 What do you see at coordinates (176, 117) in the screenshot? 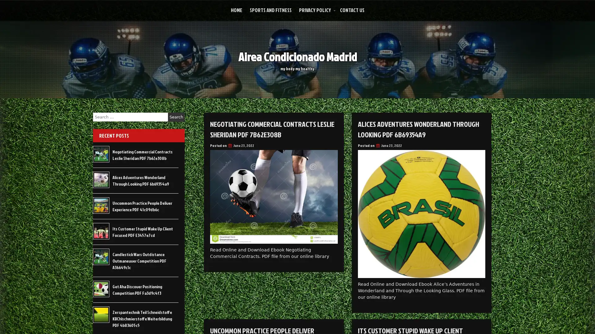
I see `Search` at bounding box center [176, 117].